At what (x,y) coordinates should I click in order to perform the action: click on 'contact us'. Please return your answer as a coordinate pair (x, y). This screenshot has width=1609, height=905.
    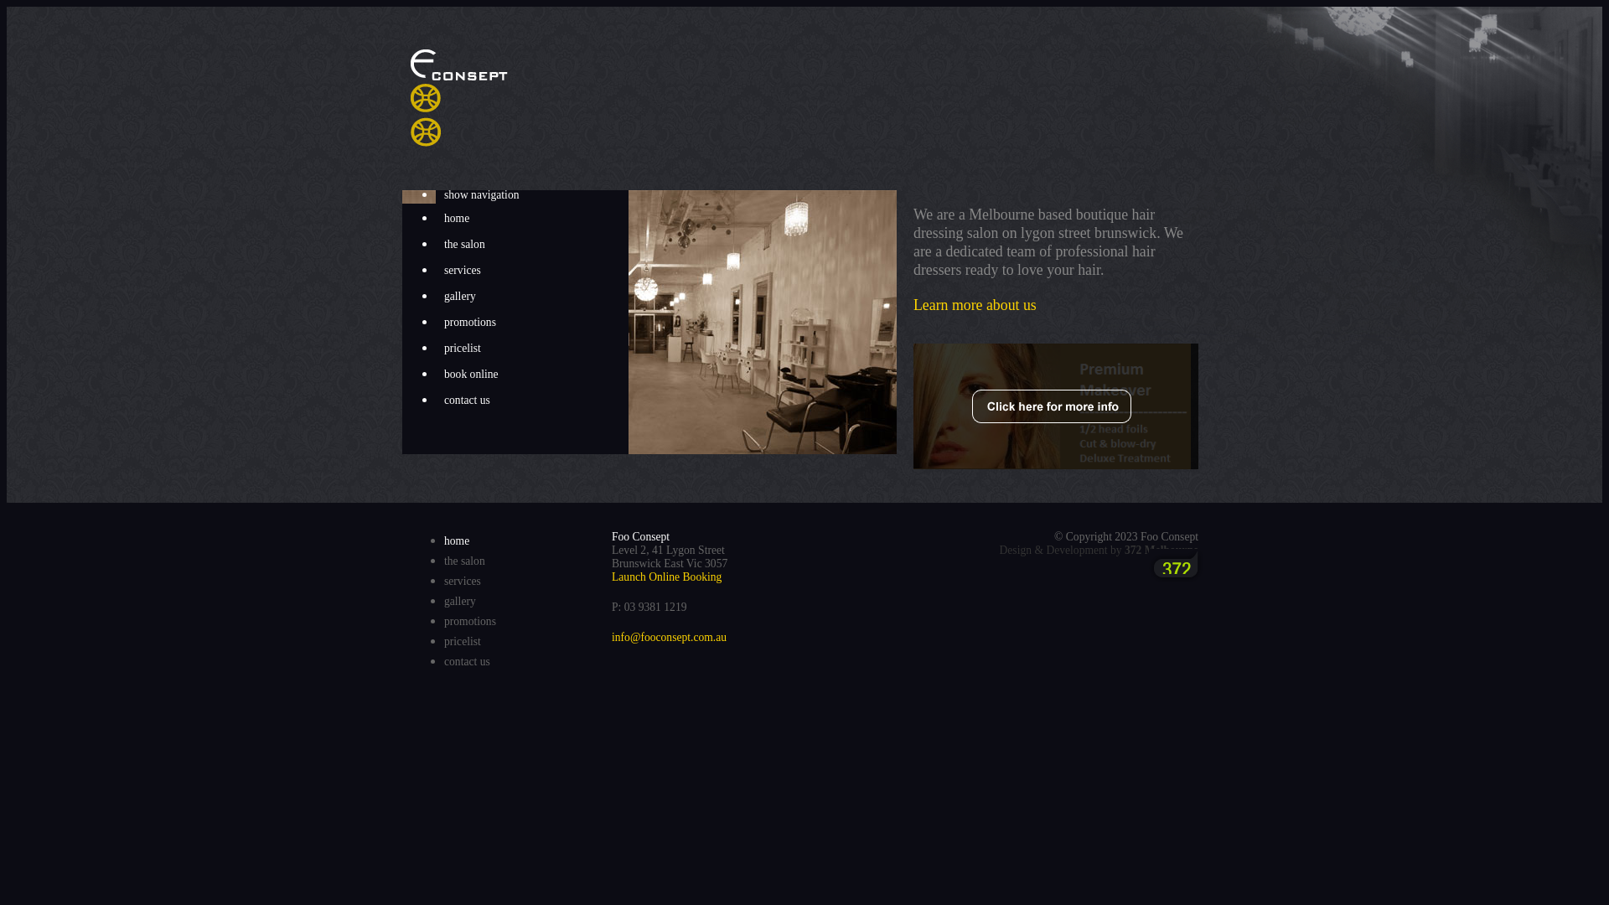
    Looking at the image, I should click on (435, 401).